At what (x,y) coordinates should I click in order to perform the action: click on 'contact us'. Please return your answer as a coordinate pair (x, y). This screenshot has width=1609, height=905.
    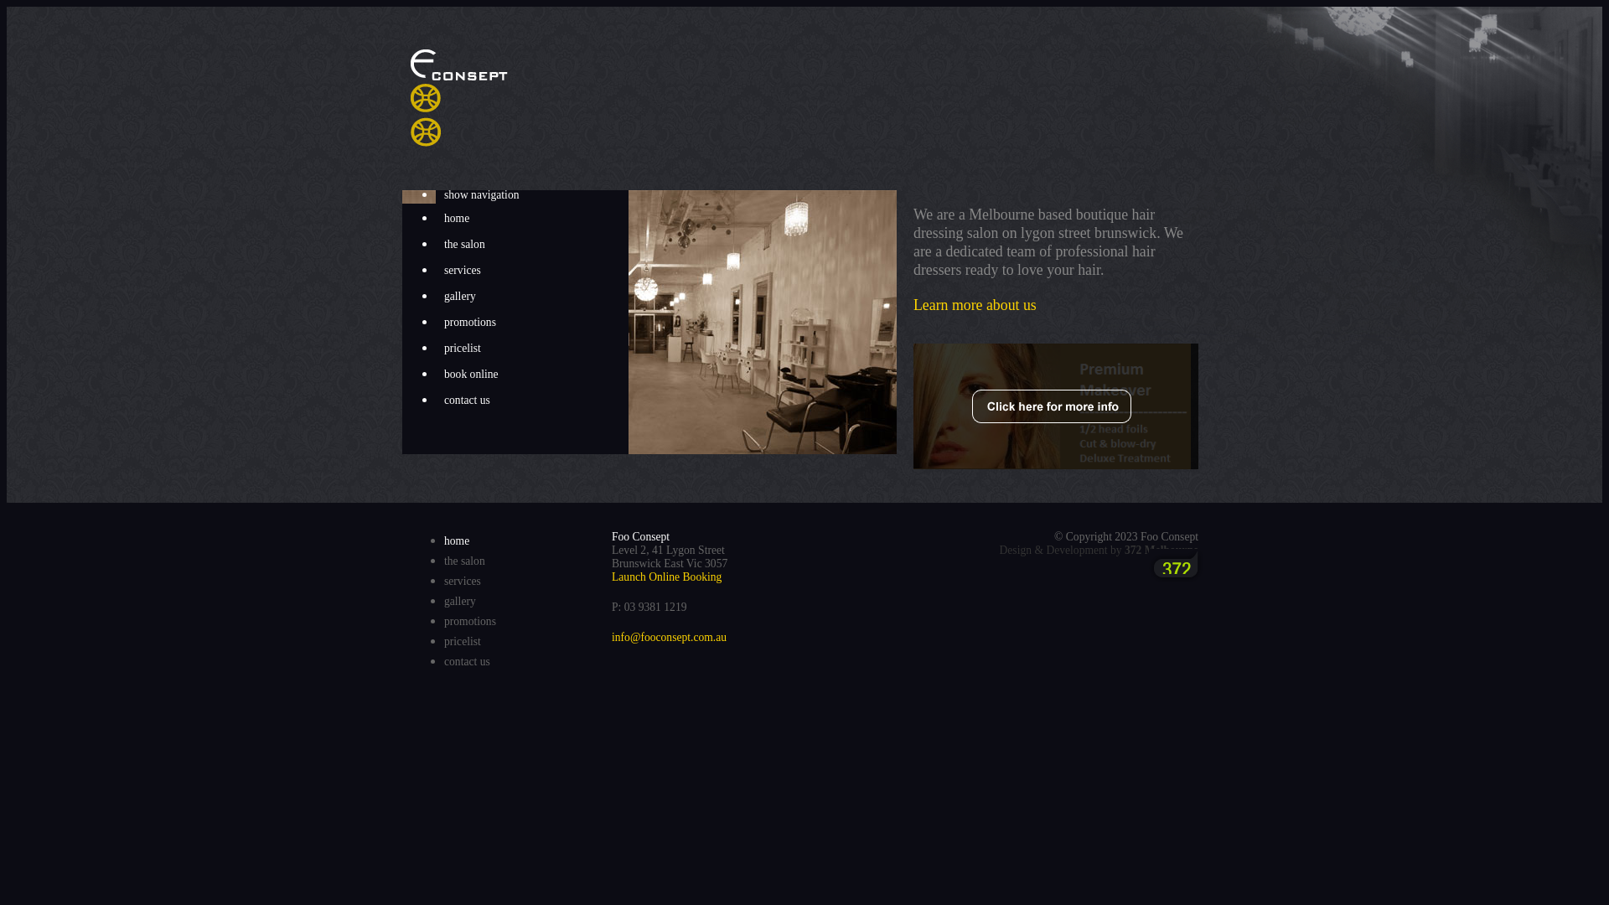
    Looking at the image, I should click on (435, 401).